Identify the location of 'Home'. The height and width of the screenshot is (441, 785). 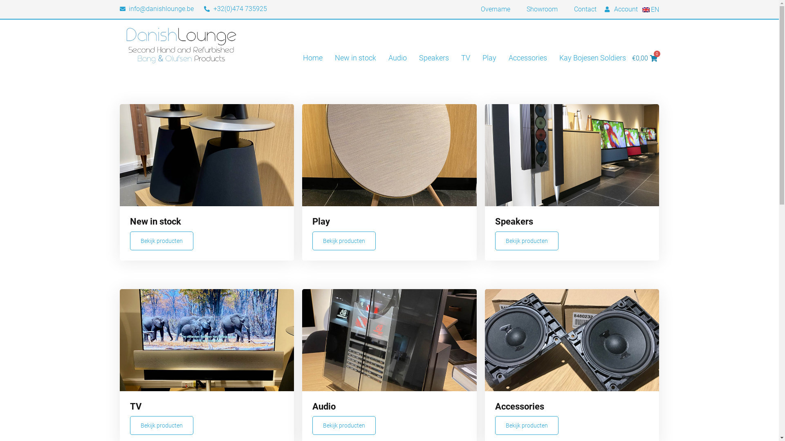
(312, 58).